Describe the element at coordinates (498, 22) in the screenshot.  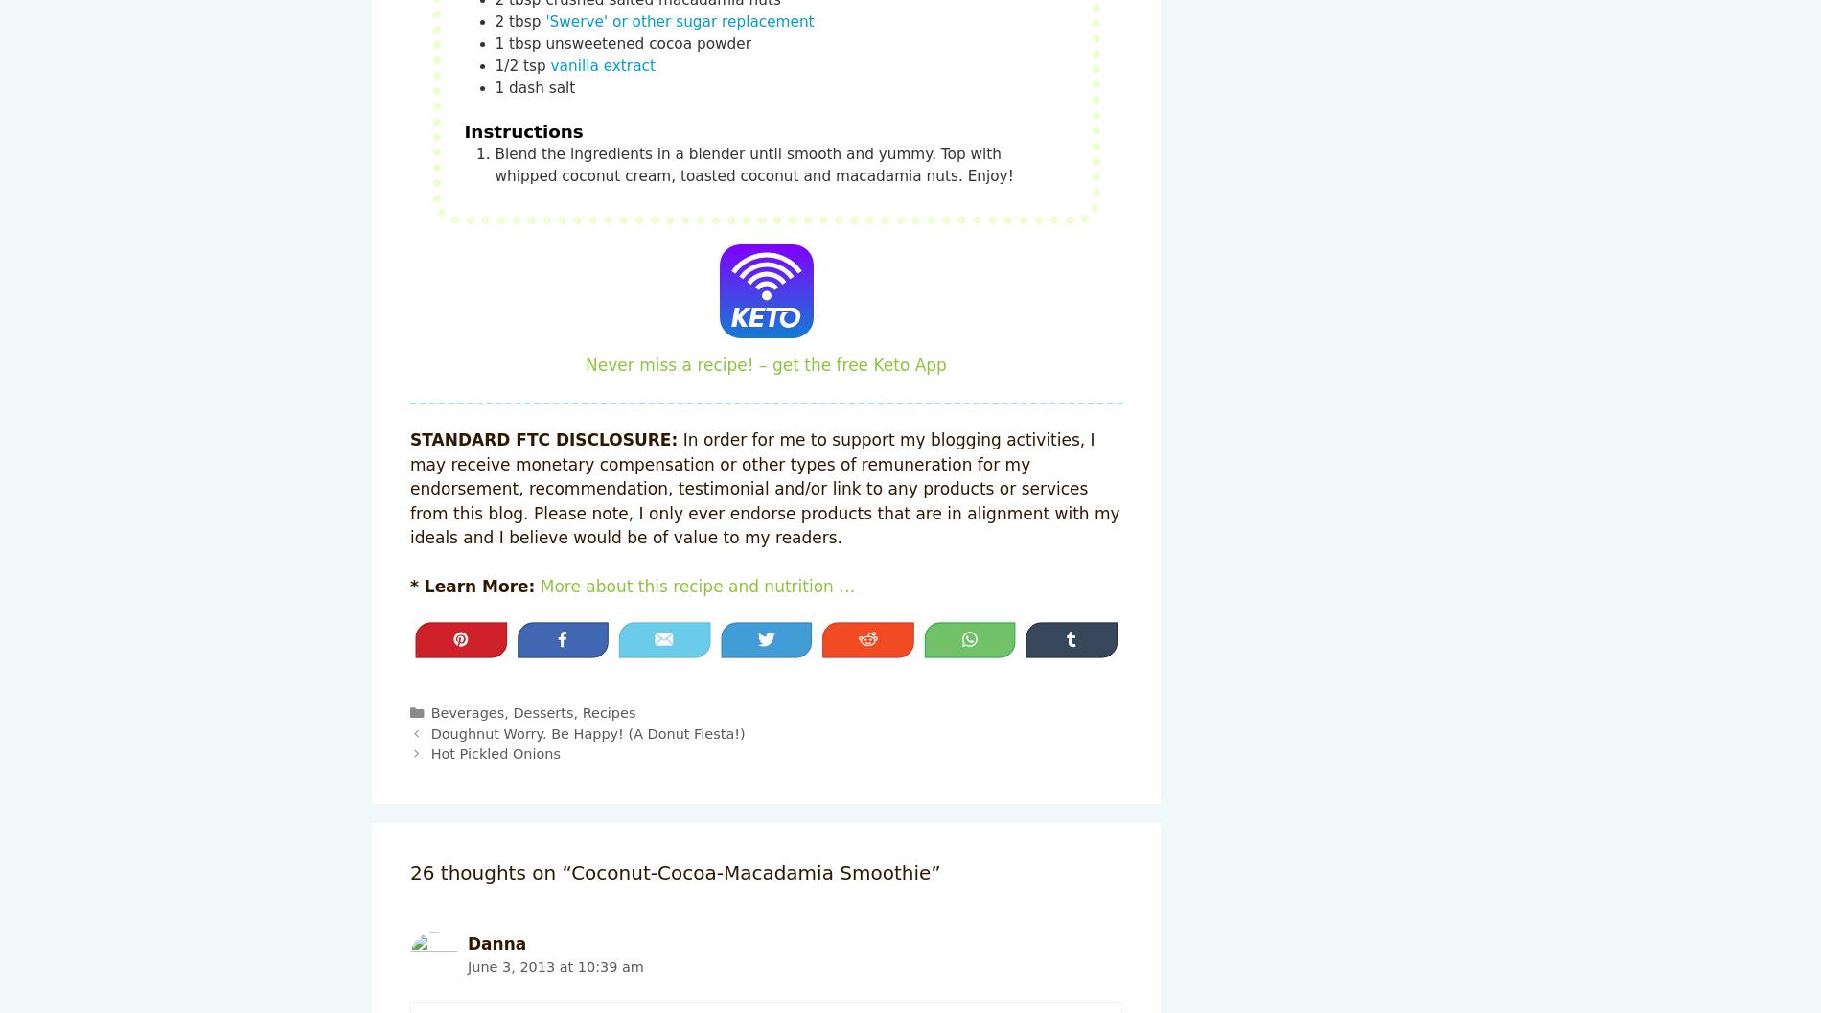
I see `'2'` at that location.